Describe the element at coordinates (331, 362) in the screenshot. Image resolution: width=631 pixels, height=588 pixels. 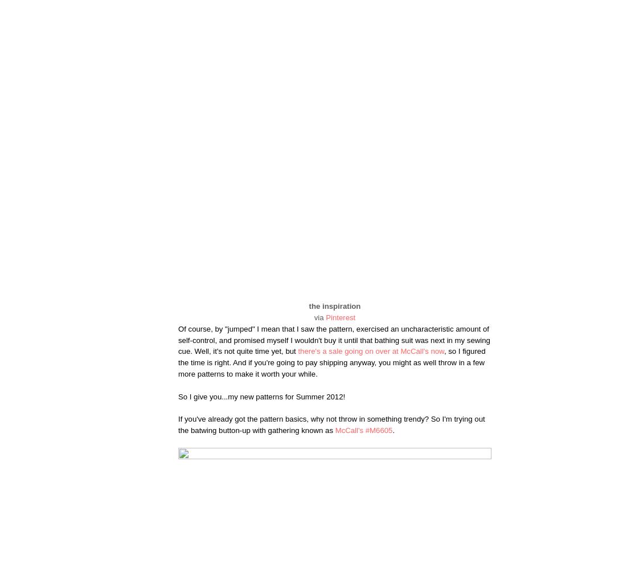
I see `', so I figured the time is right. And if you're going to pay shipping anyway, you might as well throw in a few more patterns to make it worth your while.'` at that location.